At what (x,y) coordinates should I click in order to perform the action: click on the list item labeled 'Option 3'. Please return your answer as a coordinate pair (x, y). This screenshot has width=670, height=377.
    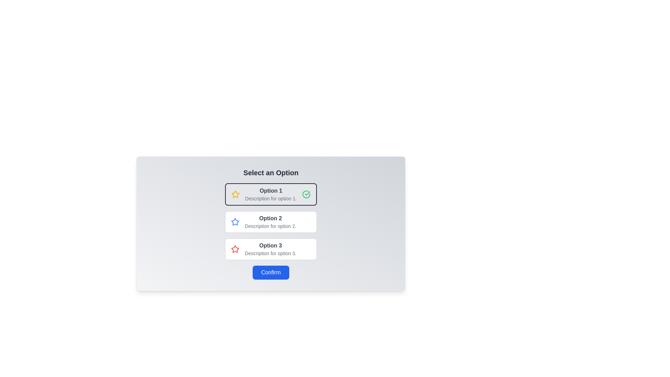
    Looking at the image, I should click on (270, 249).